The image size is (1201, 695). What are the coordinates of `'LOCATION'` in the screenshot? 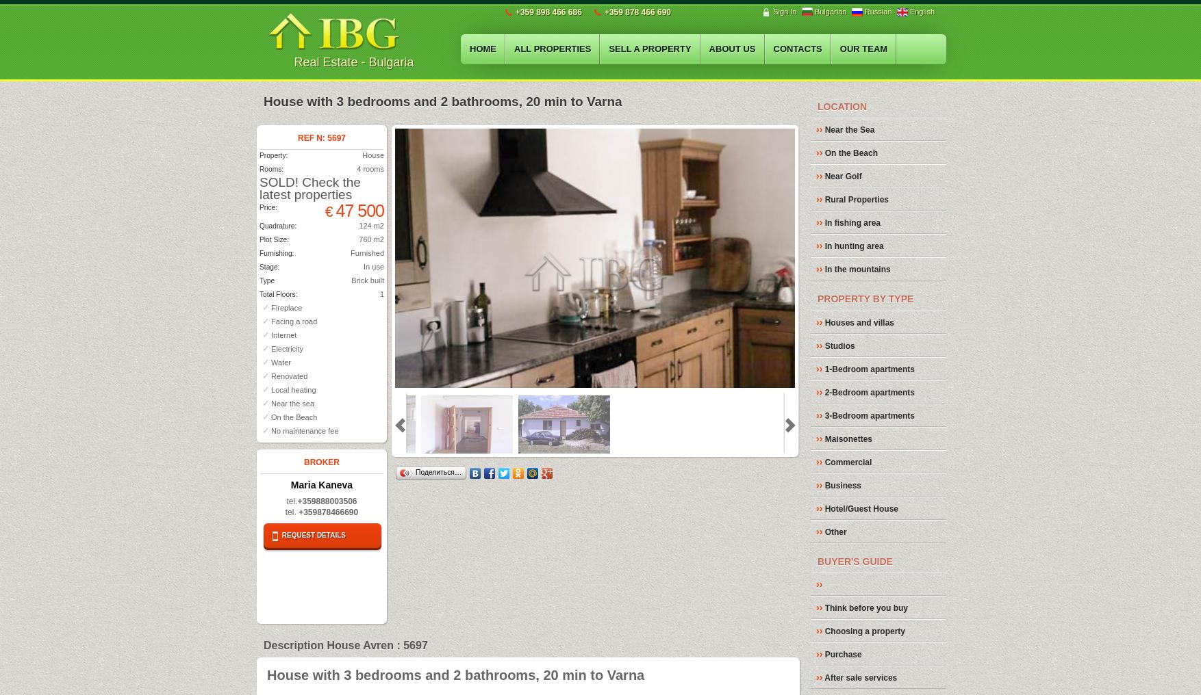 It's located at (842, 105).